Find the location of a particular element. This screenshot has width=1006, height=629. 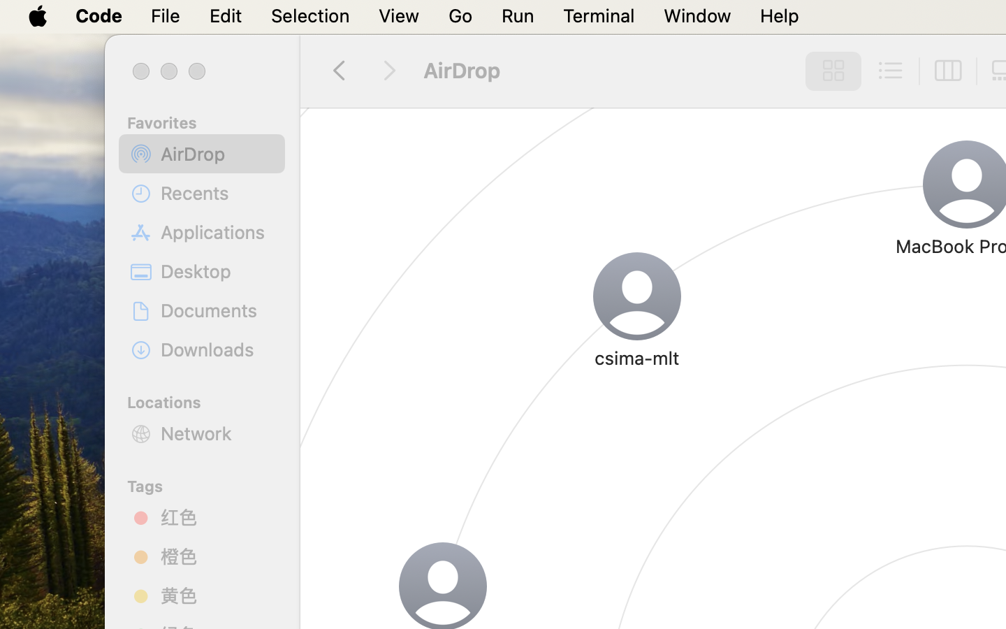

'Tags' is located at coordinates (209, 484).